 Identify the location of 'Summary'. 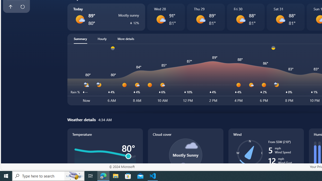
(80, 38).